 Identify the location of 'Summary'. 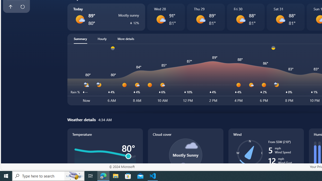
(80, 38).